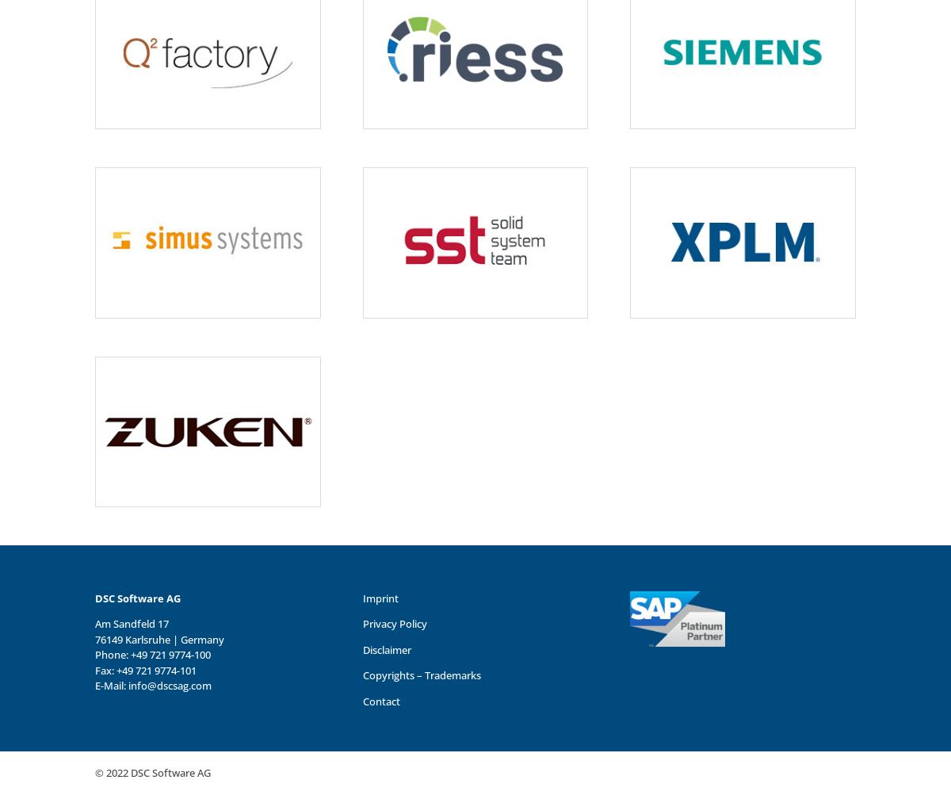 The width and height of the screenshot is (951, 795). Describe the element at coordinates (151, 772) in the screenshot. I see `'© 2022 DSC Software AG'` at that location.